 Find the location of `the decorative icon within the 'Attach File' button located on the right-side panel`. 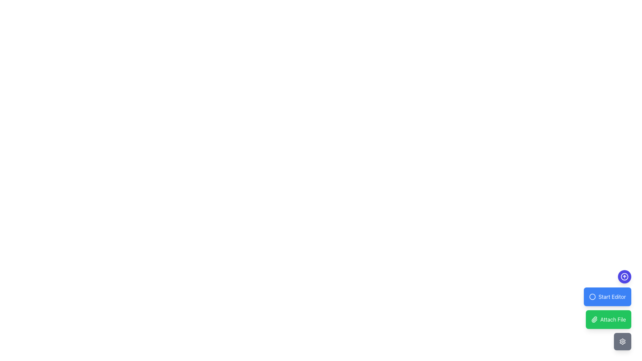

the decorative icon within the 'Attach File' button located on the right-side panel is located at coordinates (594, 319).